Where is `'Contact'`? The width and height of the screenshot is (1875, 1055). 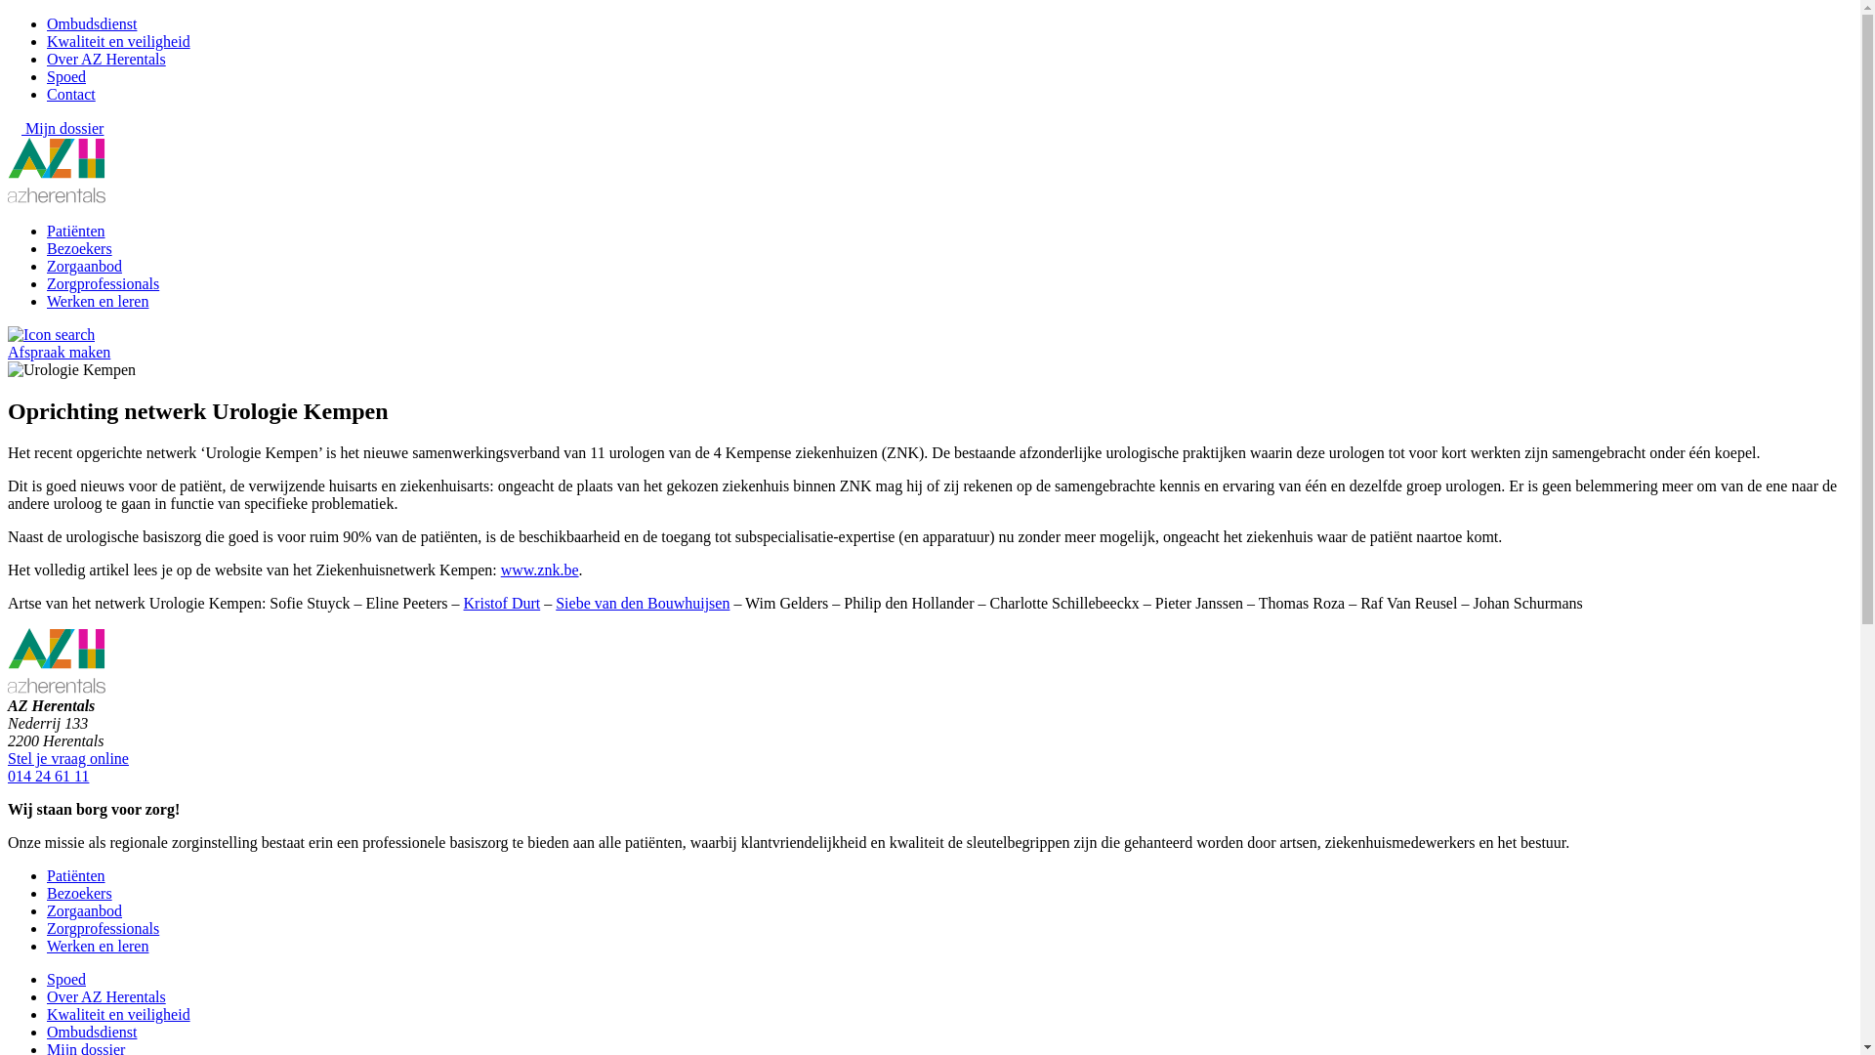 'Contact' is located at coordinates (70, 94).